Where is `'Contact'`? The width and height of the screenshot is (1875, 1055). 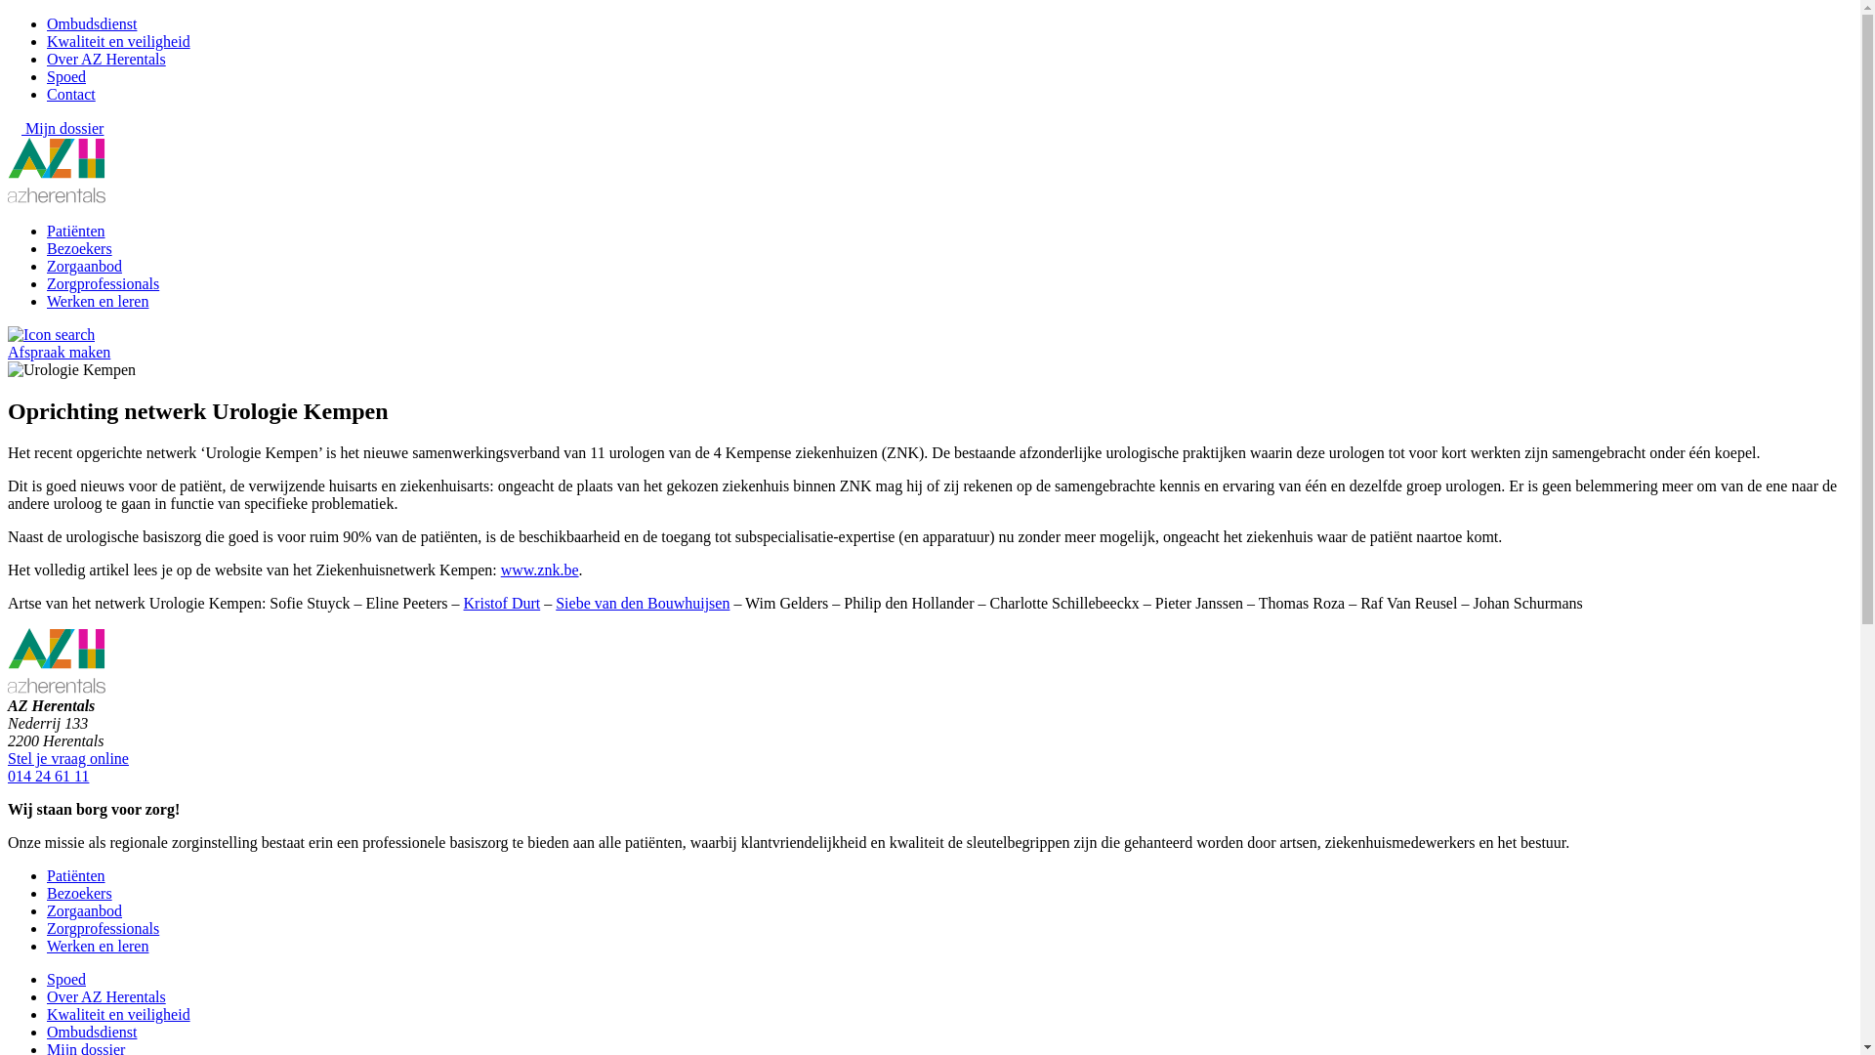 'Contact' is located at coordinates (70, 94).